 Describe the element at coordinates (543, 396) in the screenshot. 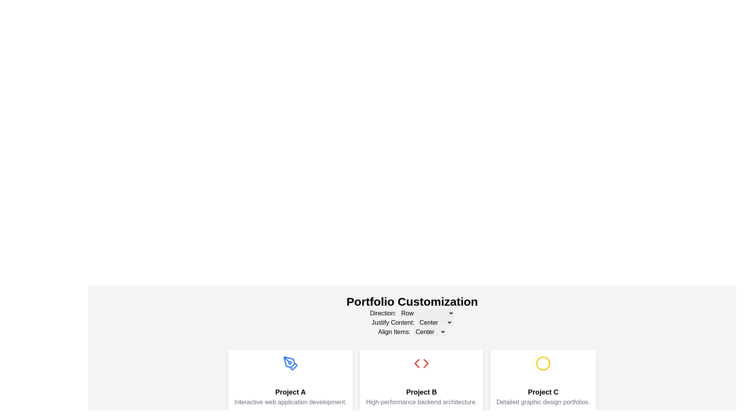

I see `information displayed in the text display element about 'Project C', which is located in the third content card of the row, centrally aligned with a yellow icon above it` at that location.